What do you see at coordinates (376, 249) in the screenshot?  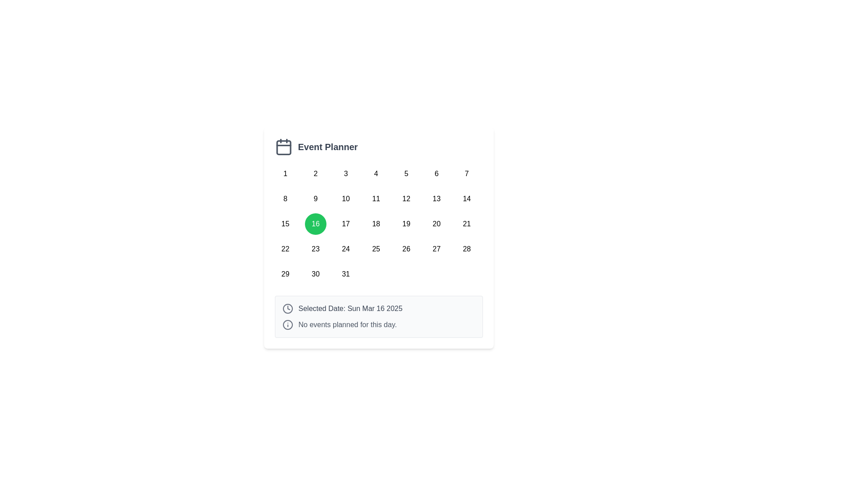 I see `the calendar button labeled '25' located in the fourth row and fourth column of the grid` at bounding box center [376, 249].